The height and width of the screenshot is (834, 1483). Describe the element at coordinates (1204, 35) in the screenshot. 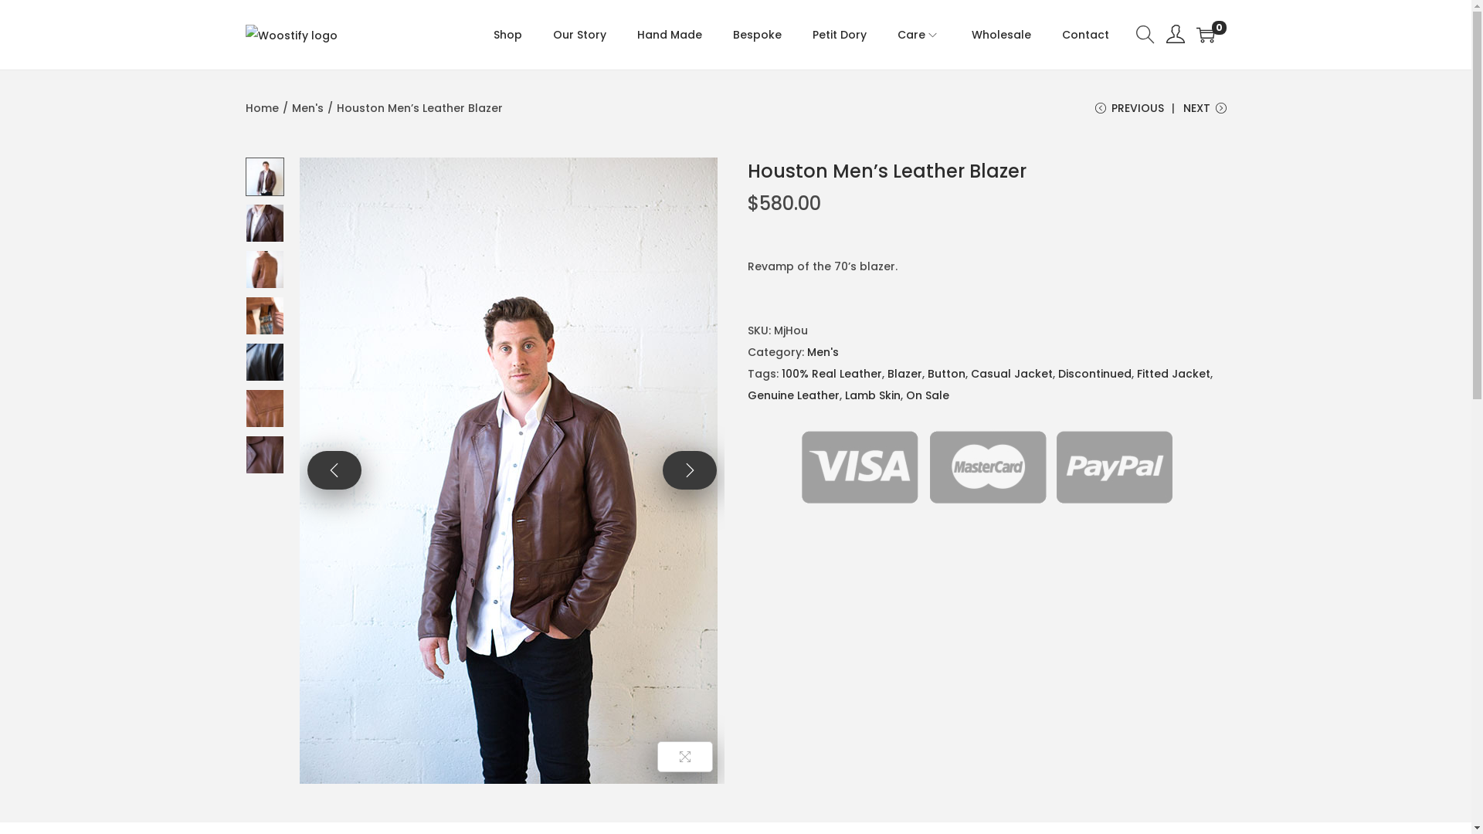

I see `'0'` at that location.